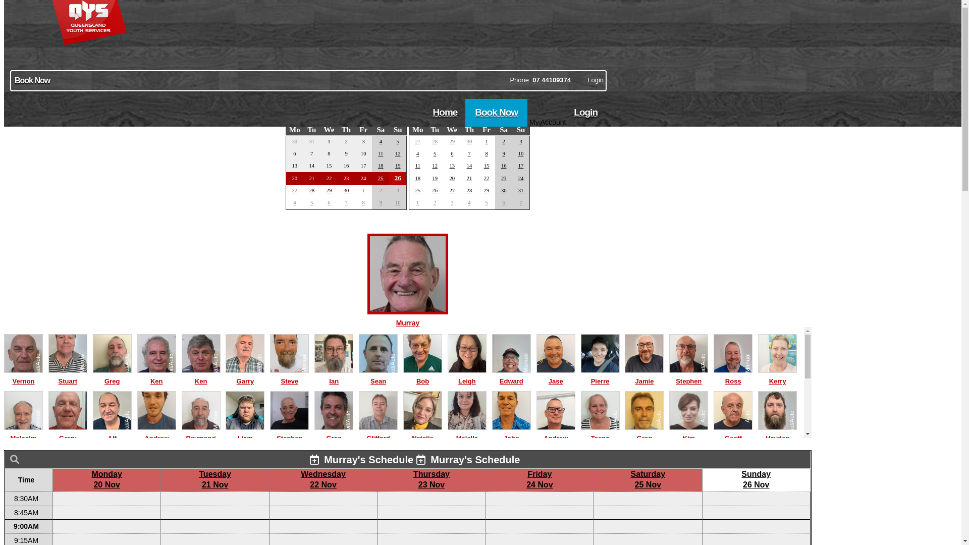 The height and width of the screenshot is (545, 969). What do you see at coordinates (380, 165) in the screenshot?
I see `'18'` at bounding box center [380, 165].